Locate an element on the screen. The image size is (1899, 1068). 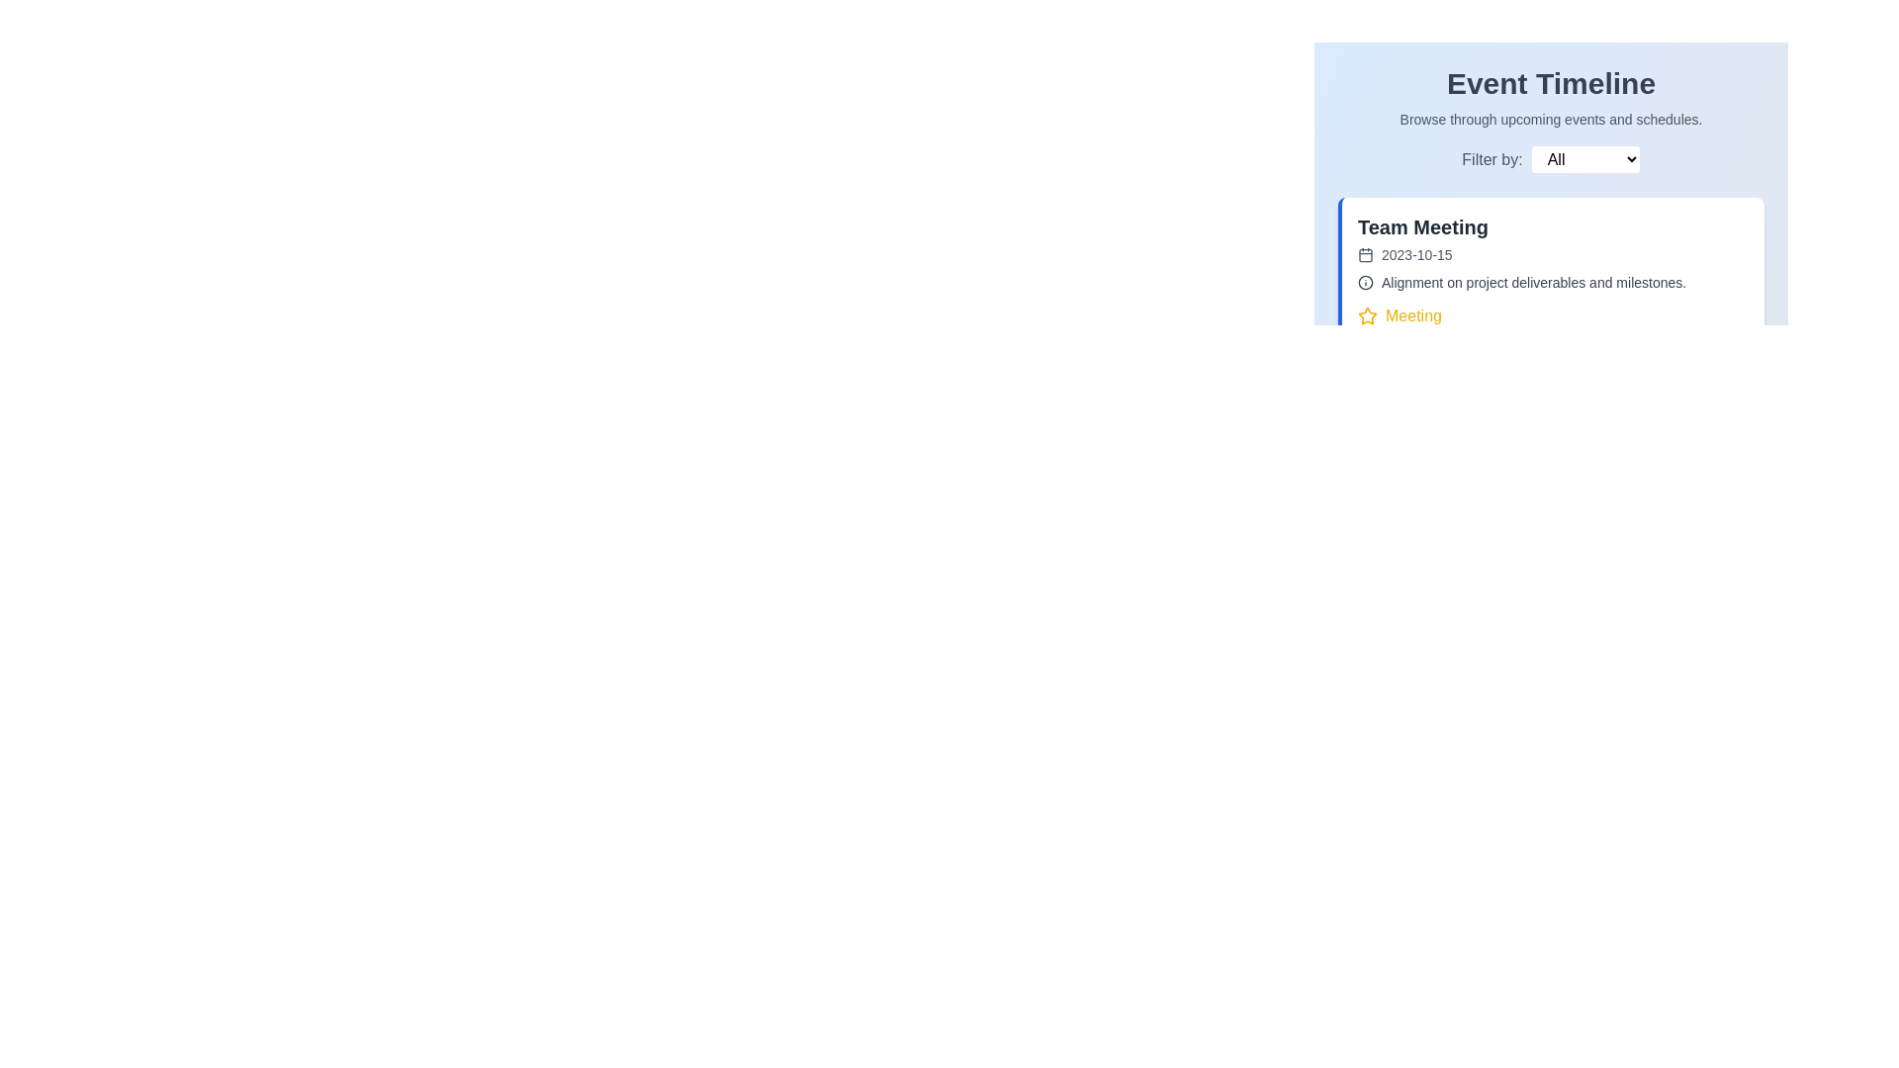
the icon with a lowercase 'i' is located at coordinates (1552, 282).